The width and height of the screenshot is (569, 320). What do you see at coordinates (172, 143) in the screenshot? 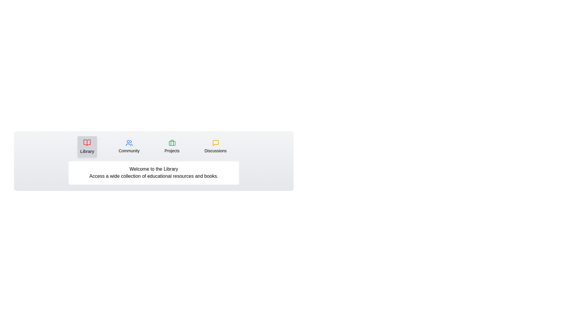
I see `the vertical line segment with rounded ends that is part of the briefcase-shaped icon labeled 'Library', located near its left vertical side` at bounding box center [172, 143].